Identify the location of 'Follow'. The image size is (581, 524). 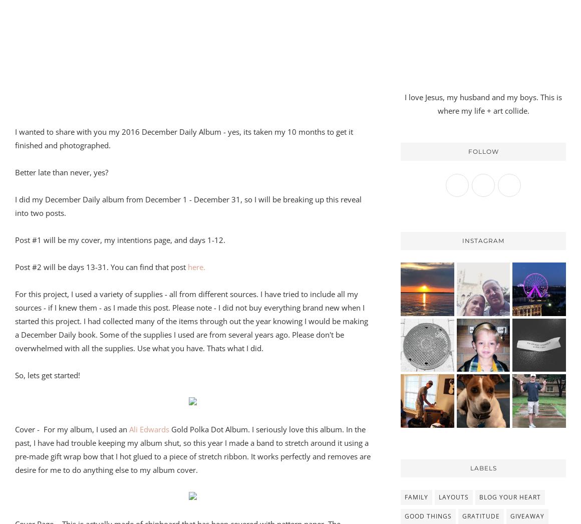
(468, 151).